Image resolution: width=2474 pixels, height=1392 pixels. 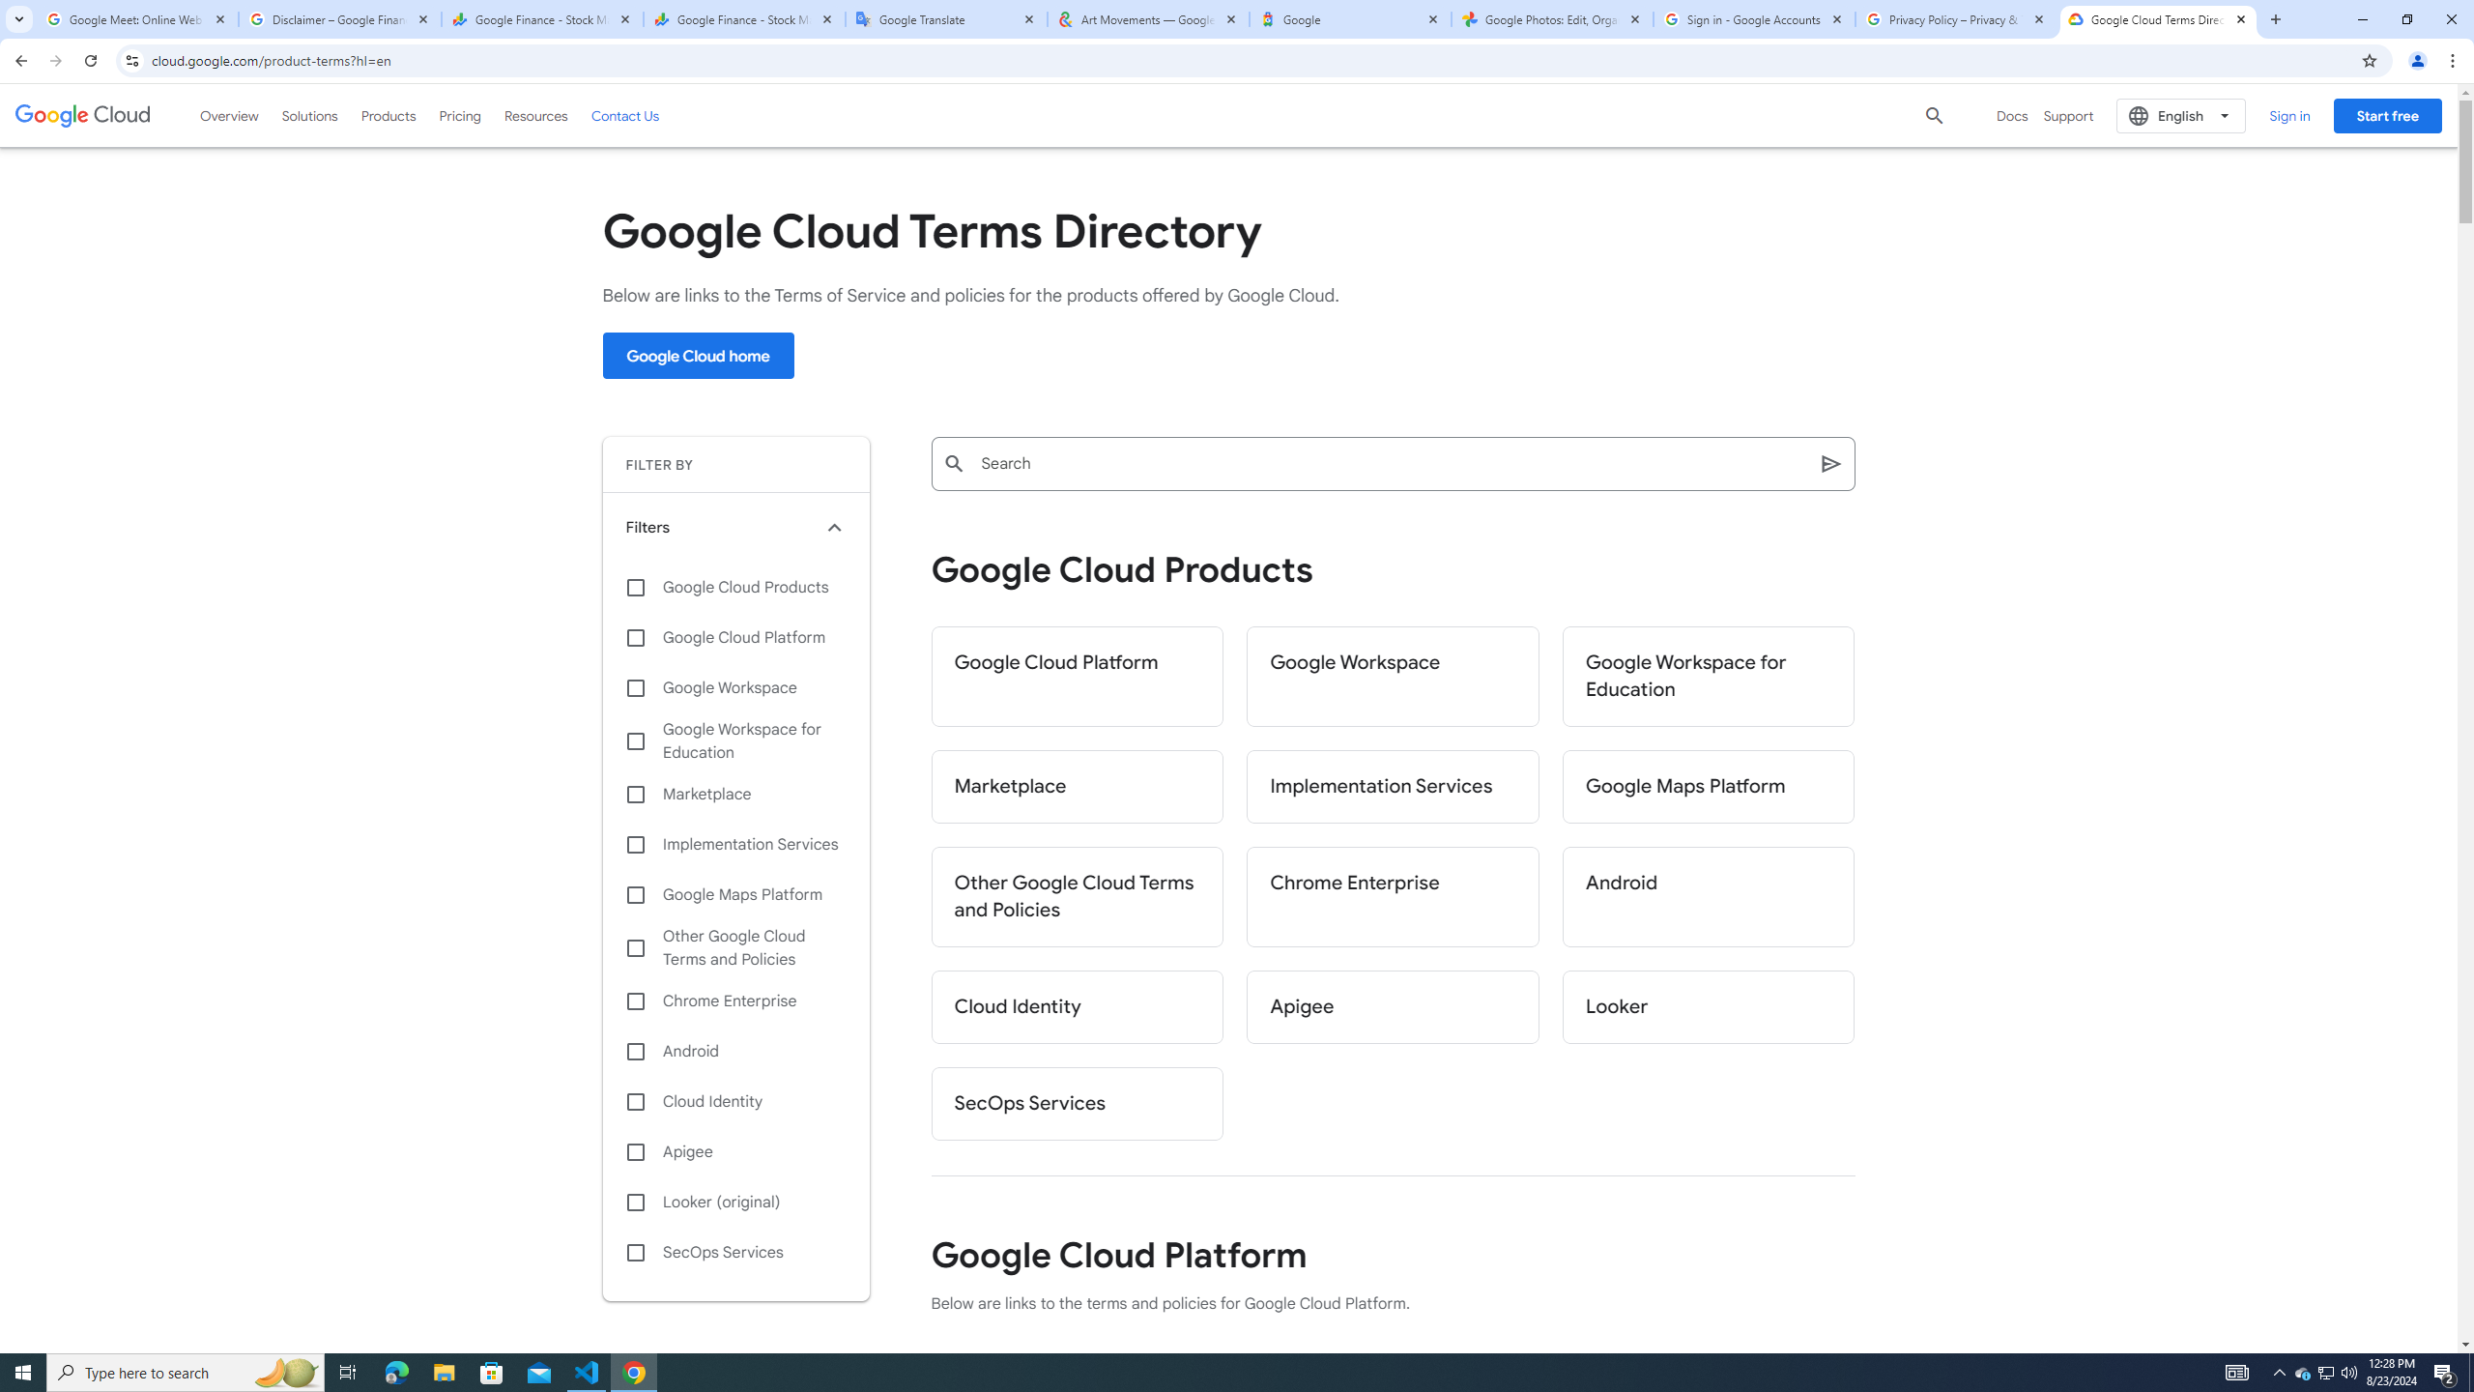 I want to click on 'Sign in - Google Accounts', so click(x=1754, y=18).